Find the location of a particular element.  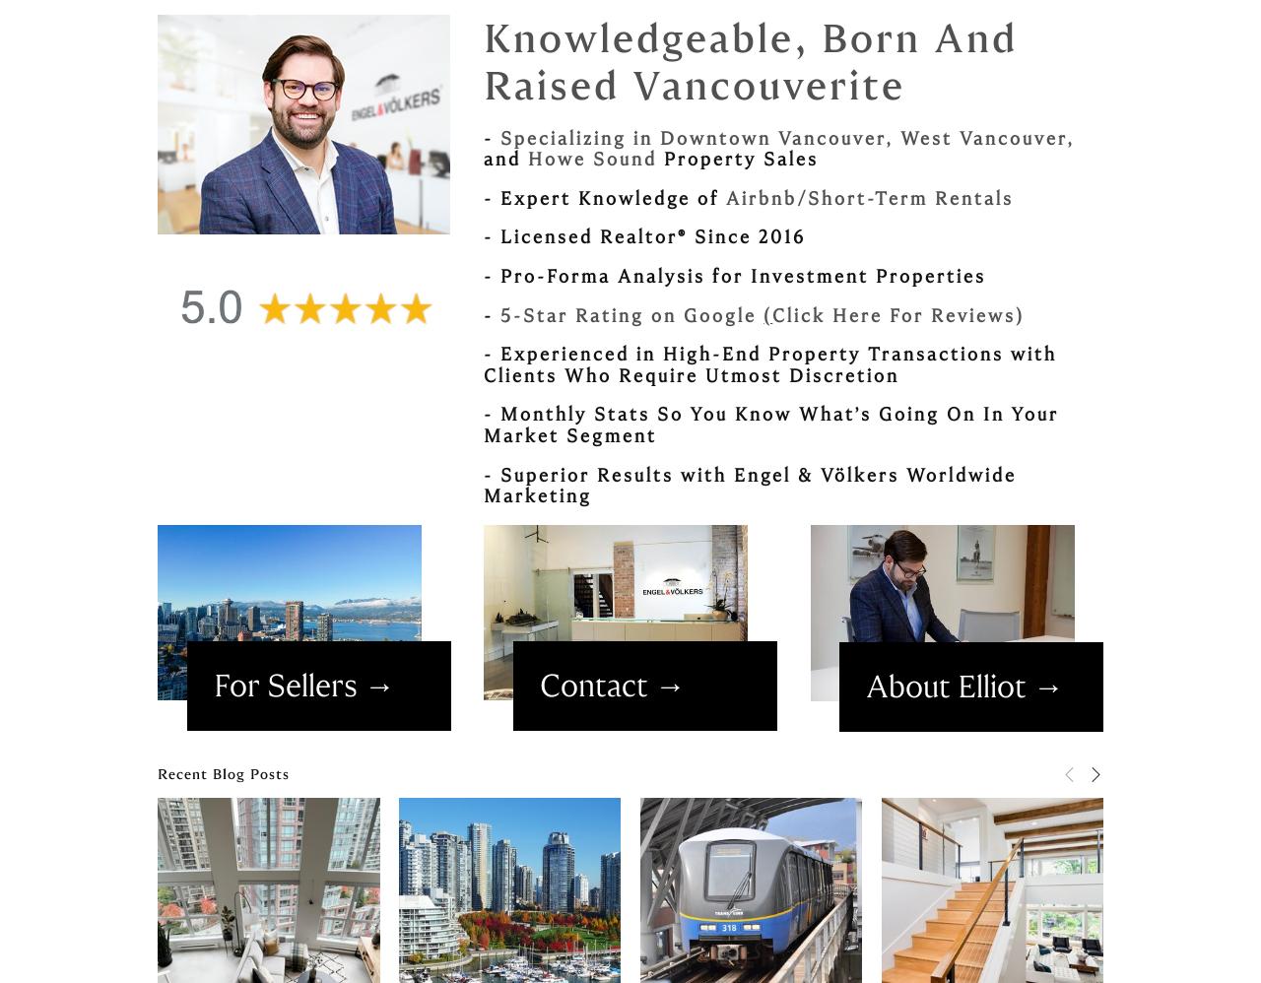

'Contact →' is located at coordinates (611, 685).